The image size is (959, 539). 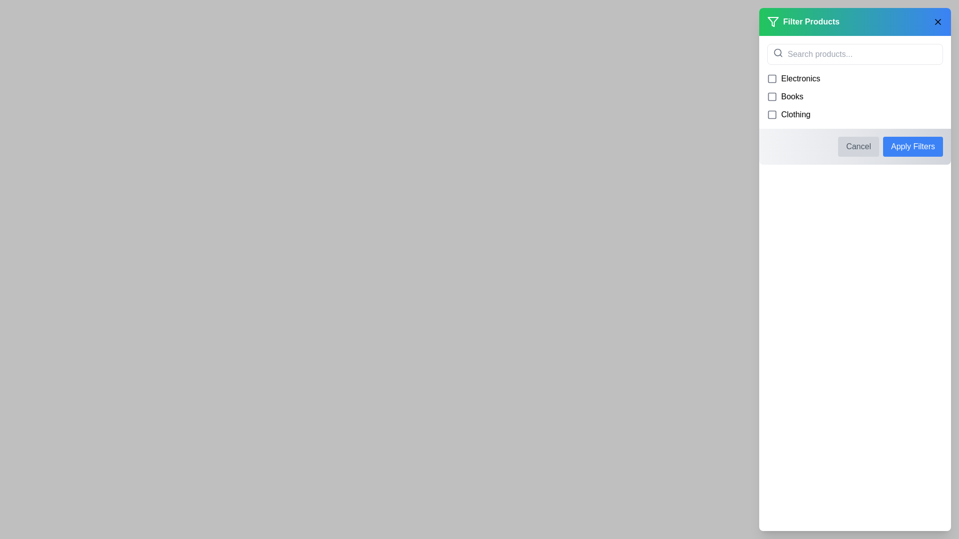 I want to click on the 'Books' checkbox in the 'Filter Products' modal to potentially reveal hover effects, so click(x=771, y=96).